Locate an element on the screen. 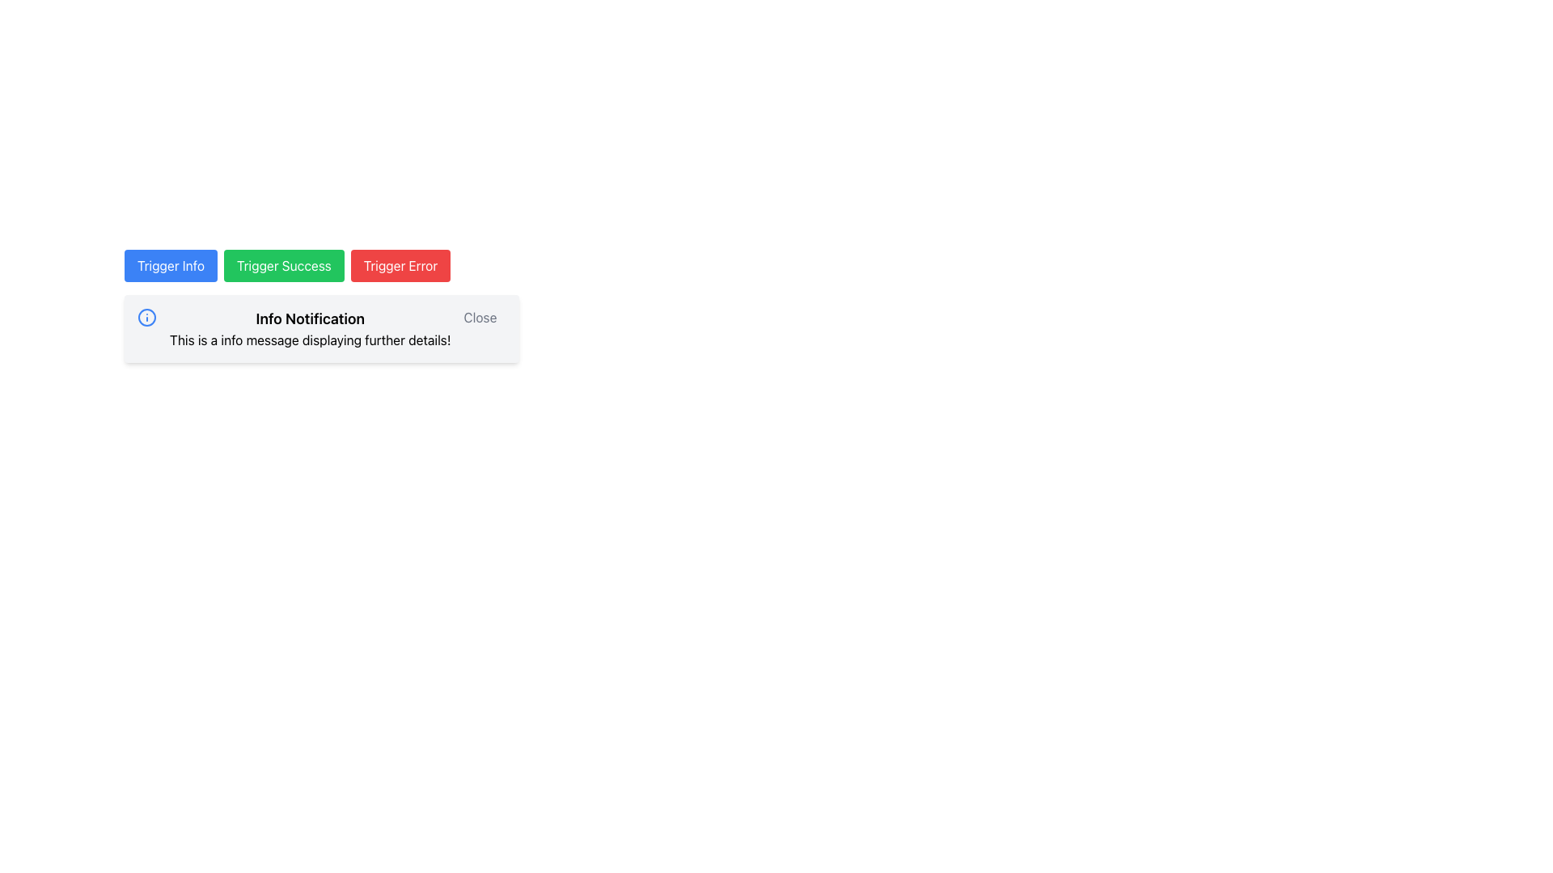 Image resolution: width=1553 pixels, height=873 pixels. the information icon with a blue border located in the top-left corner of the 'Info Notification' box, adjacent to the title text is located at coordinates (147, 318).